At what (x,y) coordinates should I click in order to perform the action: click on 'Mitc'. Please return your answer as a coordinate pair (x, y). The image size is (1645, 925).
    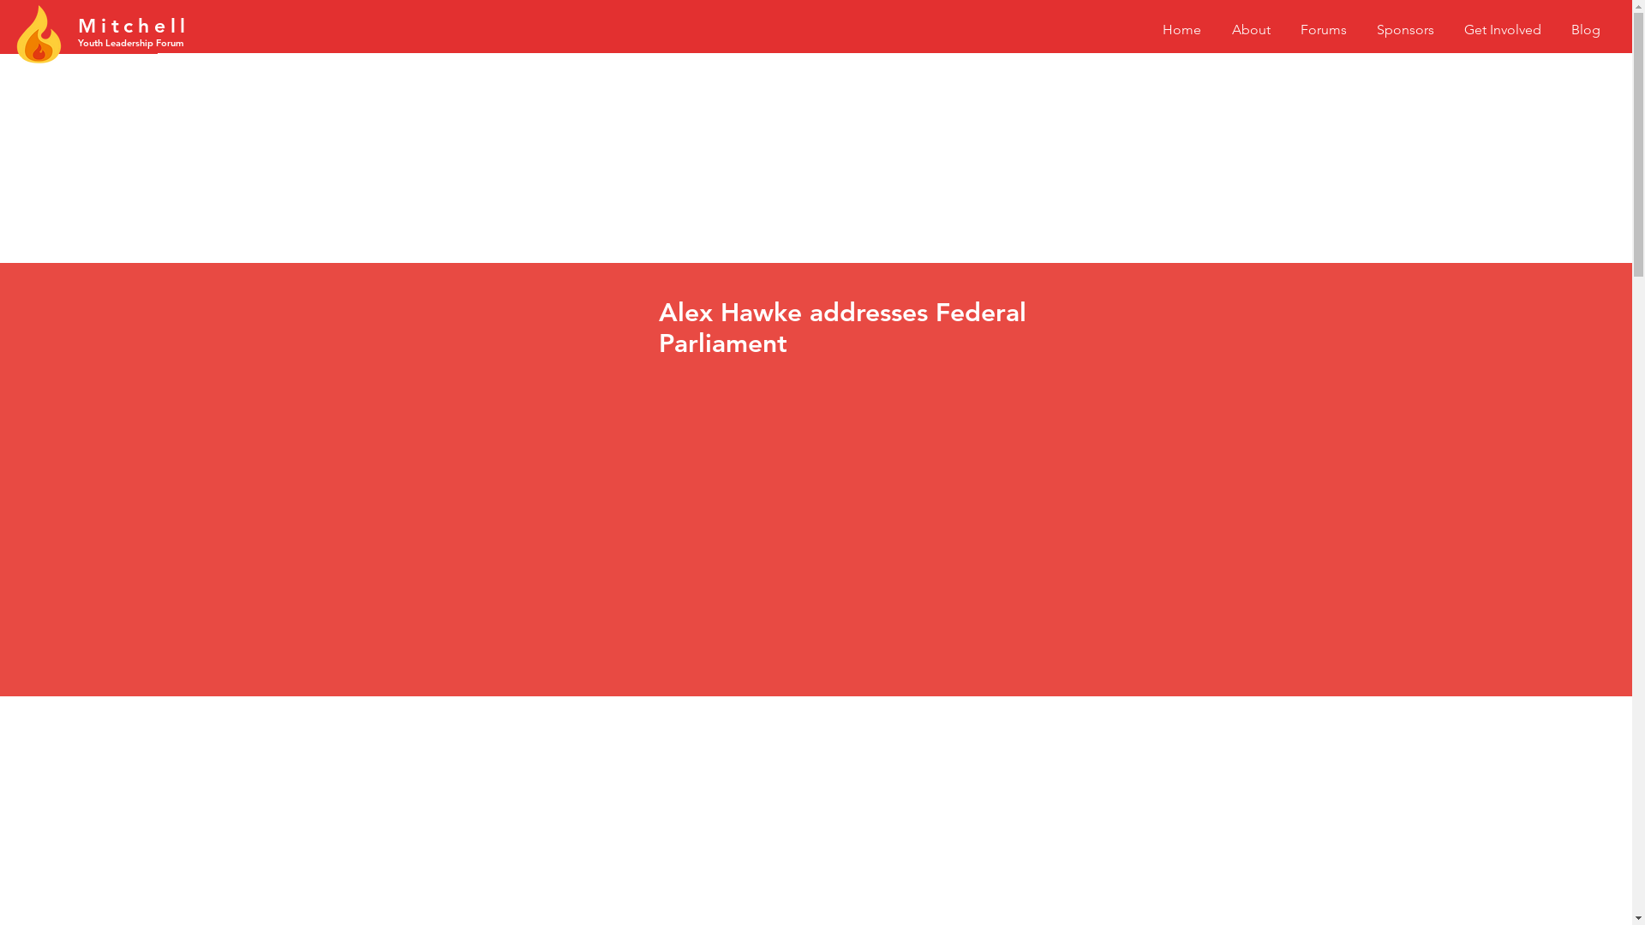
    Looking at the image, I should click on (77, 26).